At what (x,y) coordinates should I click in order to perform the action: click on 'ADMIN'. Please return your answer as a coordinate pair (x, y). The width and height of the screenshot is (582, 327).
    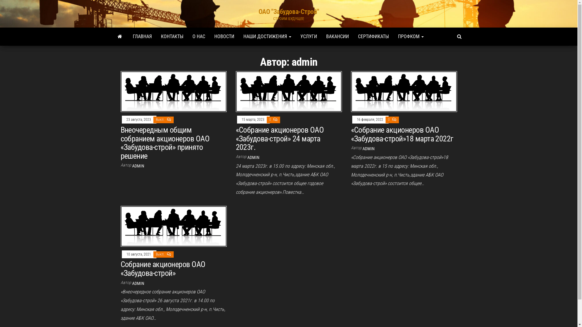
    Looking at the image, I should click on (362, 148).